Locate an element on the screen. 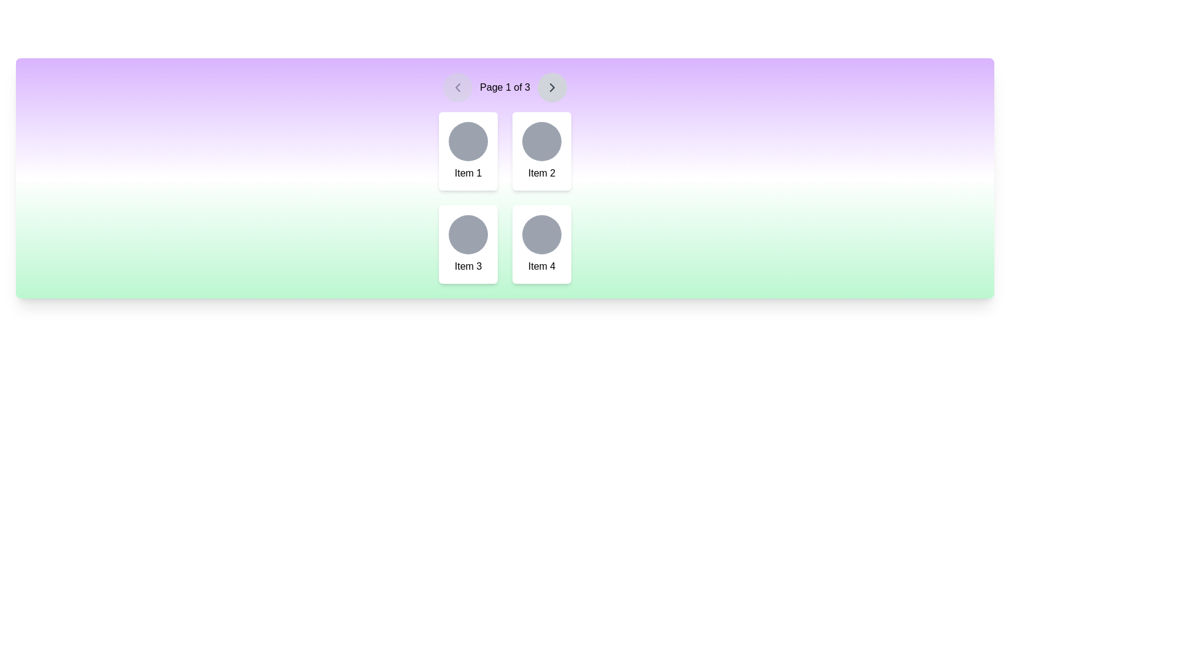 The height and width of the screenshot is (662, 1177). the decorative circular element located centrally within the card labeled 'Item 3', which is part of a 2x2 grid layout is located at coordinates (467, 234).